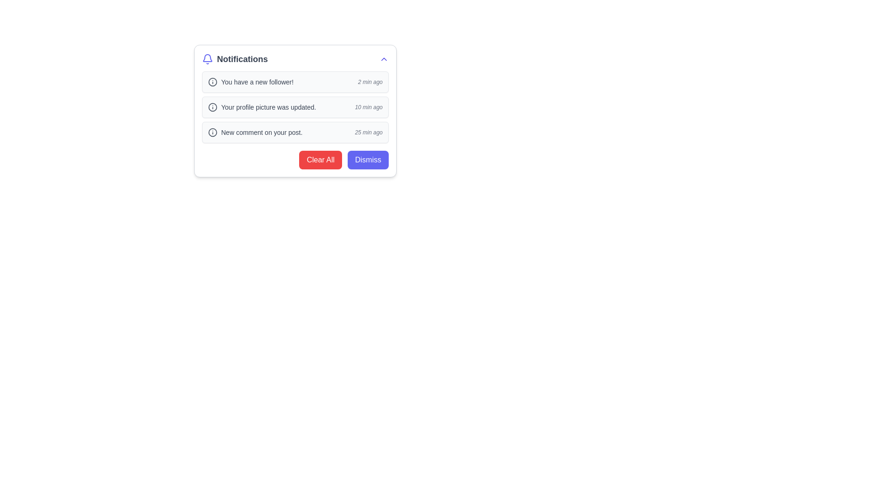 This screenshot has width=896, height=504. Describe the element at coordinates (251, 82) in the screenshot. I see `message displayed on the label indicating a new follower, located to the right of the circled 'i' icon in the first notification entry` at that location.